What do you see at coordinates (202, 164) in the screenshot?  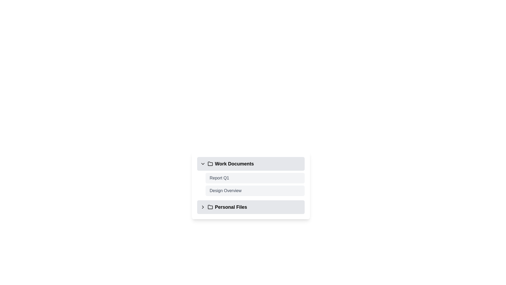 I see `the downward-facing chevron icon, which is located to the extreme left of the 'Work Documents' label` at bounding box center [202, 164].